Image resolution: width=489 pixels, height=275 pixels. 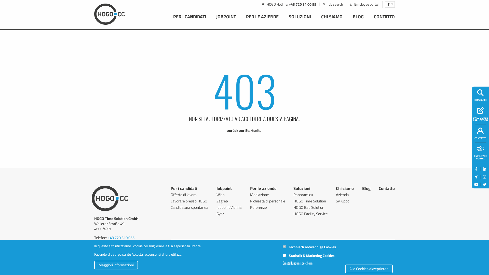 What do you see at coordinates (484, 184) in the screenshot?
I see `'Twitter'` at bounding box center [484, 184].